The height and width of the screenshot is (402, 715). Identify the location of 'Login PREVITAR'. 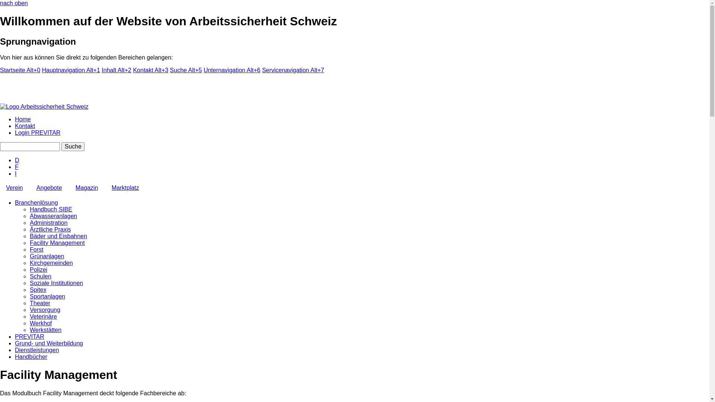
(15, 132).